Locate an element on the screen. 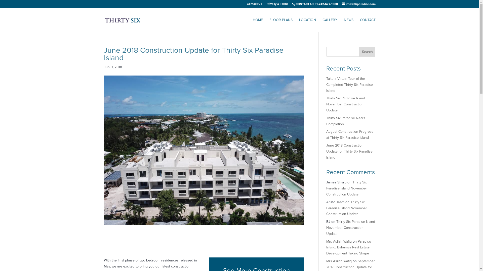 This screenshot has width=483, height=271. 'Thirty Six Paradise Island November Construction Update' is located at coordinates (326, 188).